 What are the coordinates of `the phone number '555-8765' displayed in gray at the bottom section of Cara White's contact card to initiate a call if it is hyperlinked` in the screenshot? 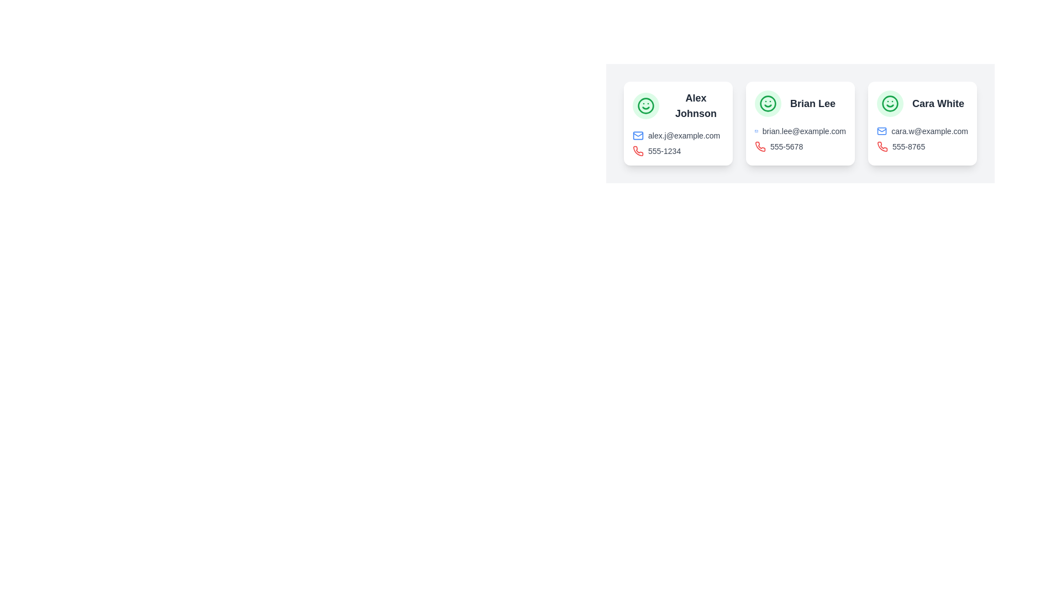 It's located at (908, 146).